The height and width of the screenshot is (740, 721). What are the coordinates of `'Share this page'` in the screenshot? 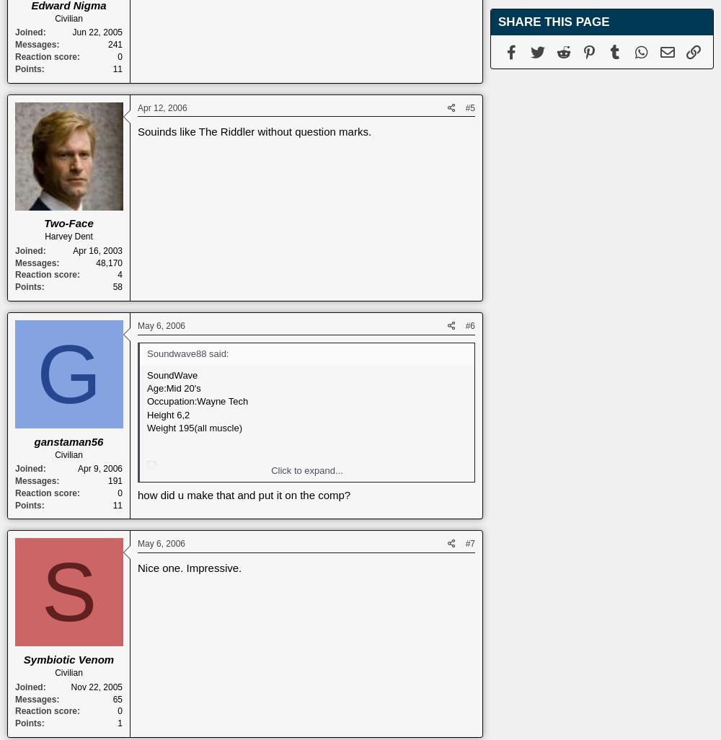 It's located at (497, 22).